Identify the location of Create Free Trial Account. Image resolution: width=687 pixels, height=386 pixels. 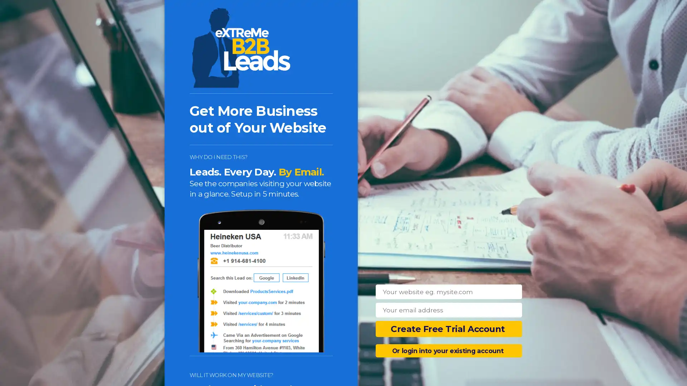
(448, 329).